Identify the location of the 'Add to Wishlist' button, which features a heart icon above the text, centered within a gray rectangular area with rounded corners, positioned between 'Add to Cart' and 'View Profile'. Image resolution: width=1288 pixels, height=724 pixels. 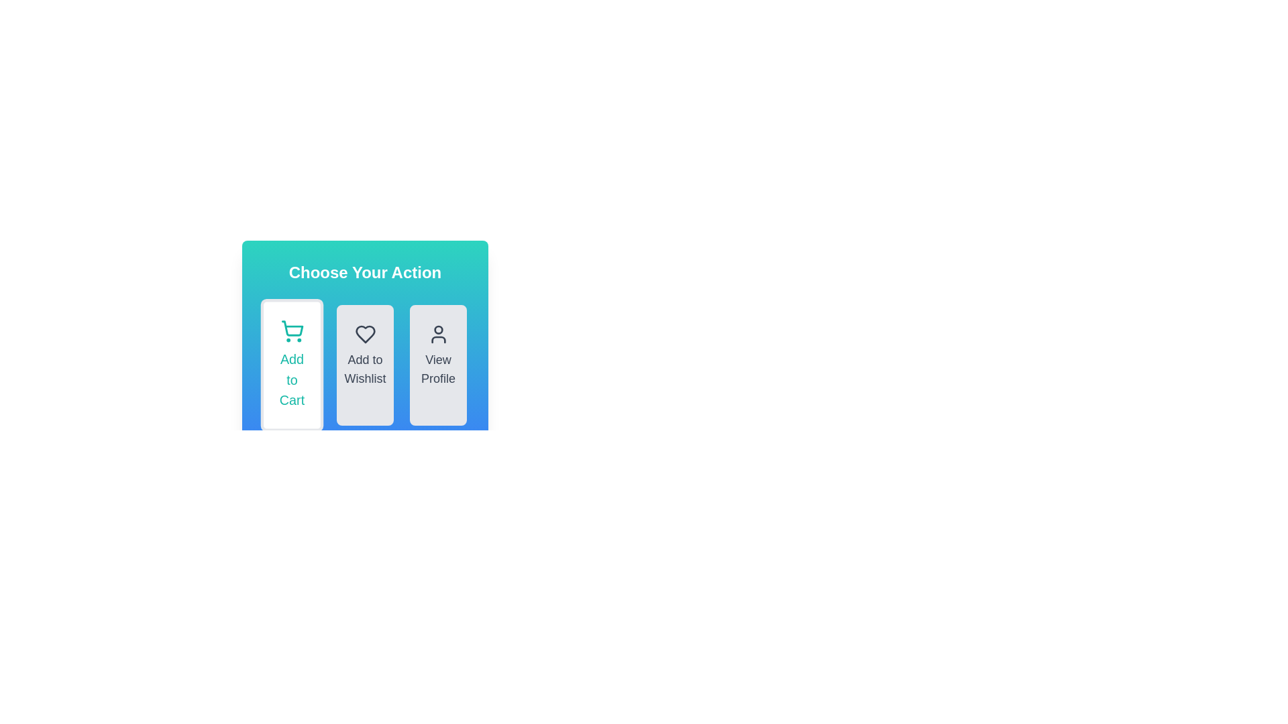
(365, 365).